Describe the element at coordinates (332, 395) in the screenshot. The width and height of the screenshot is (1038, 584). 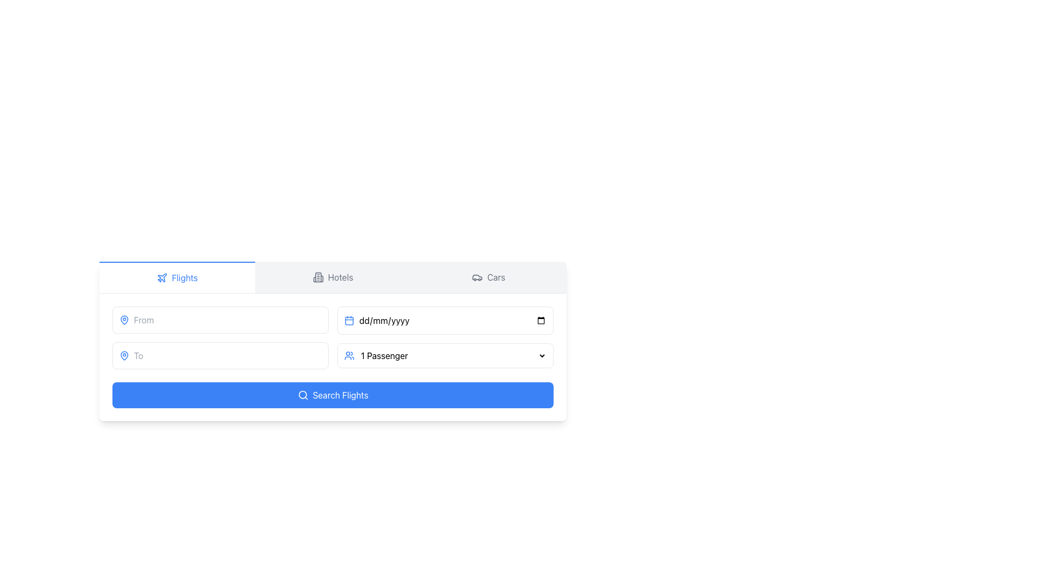
I see `the submit button for executing a flight search` at that location.